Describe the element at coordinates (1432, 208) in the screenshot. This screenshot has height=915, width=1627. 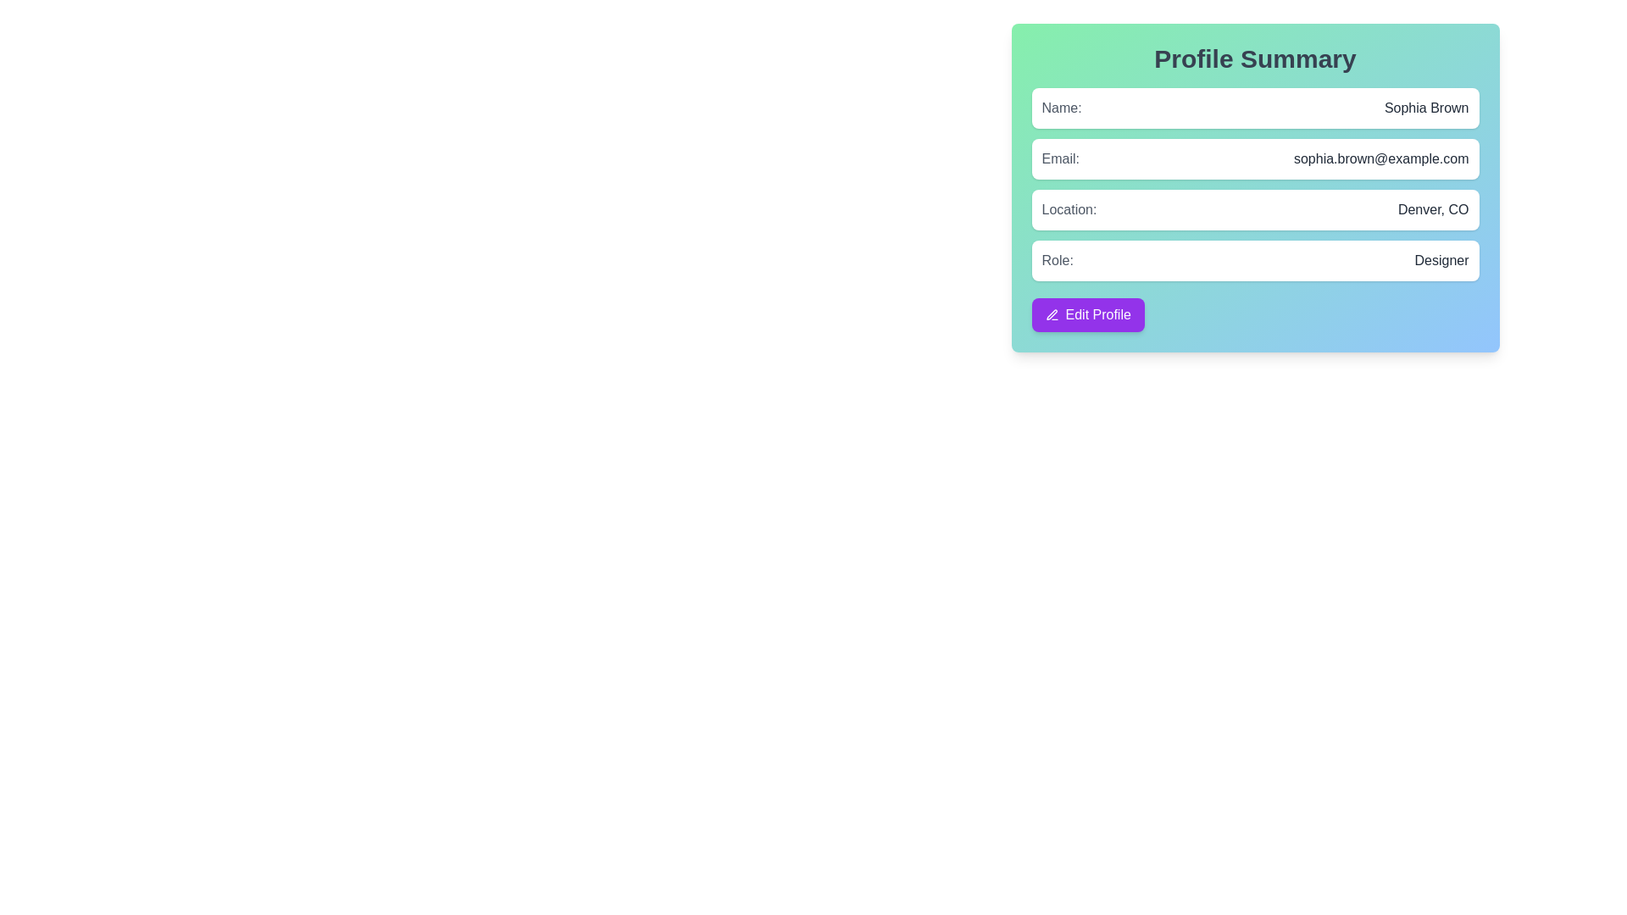
I see `the text label displaying the location 'Denver, CO', which is positioned on the right side of a white rounded box containing the label 'location:' on the left` at that location.